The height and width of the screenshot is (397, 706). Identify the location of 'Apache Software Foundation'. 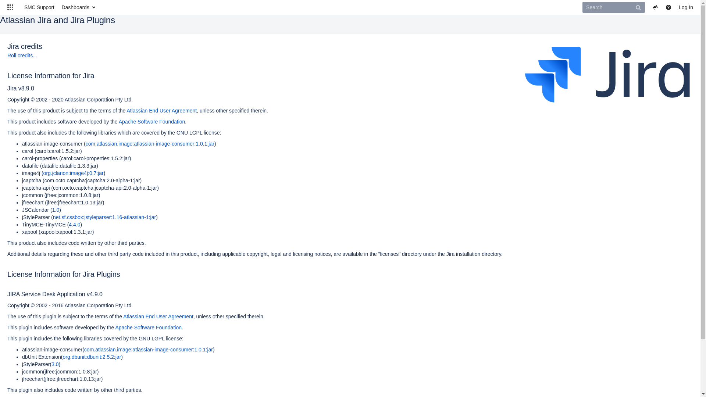
(151, 121).